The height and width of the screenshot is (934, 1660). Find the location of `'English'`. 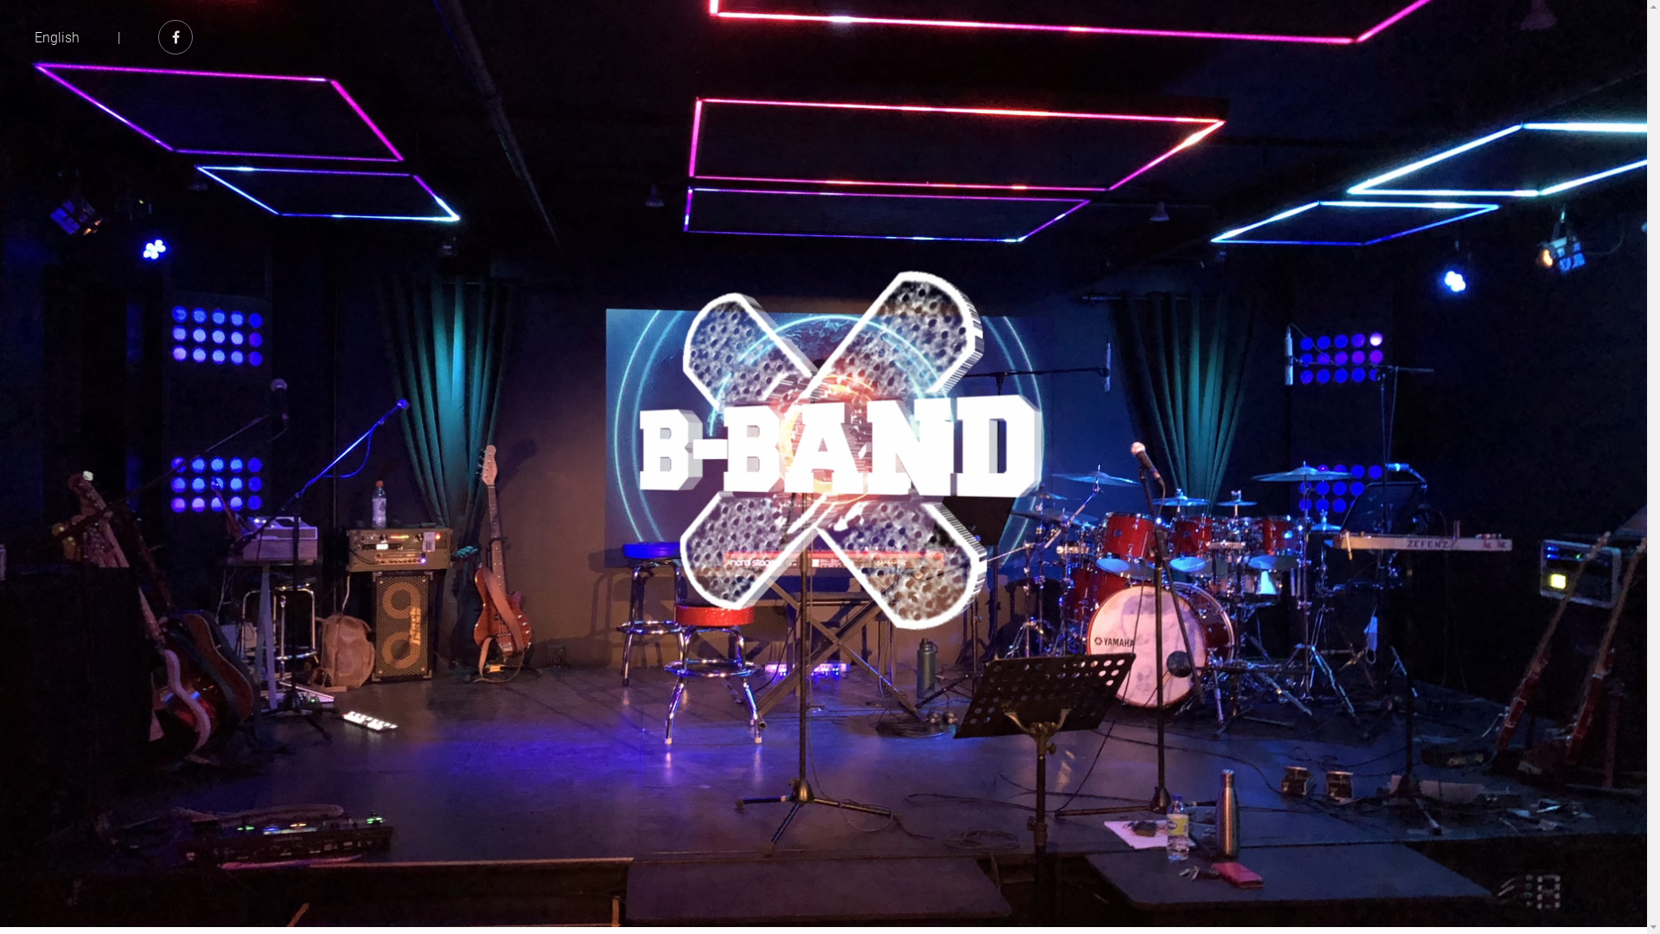

'English' is located at coordinates (57, 37).